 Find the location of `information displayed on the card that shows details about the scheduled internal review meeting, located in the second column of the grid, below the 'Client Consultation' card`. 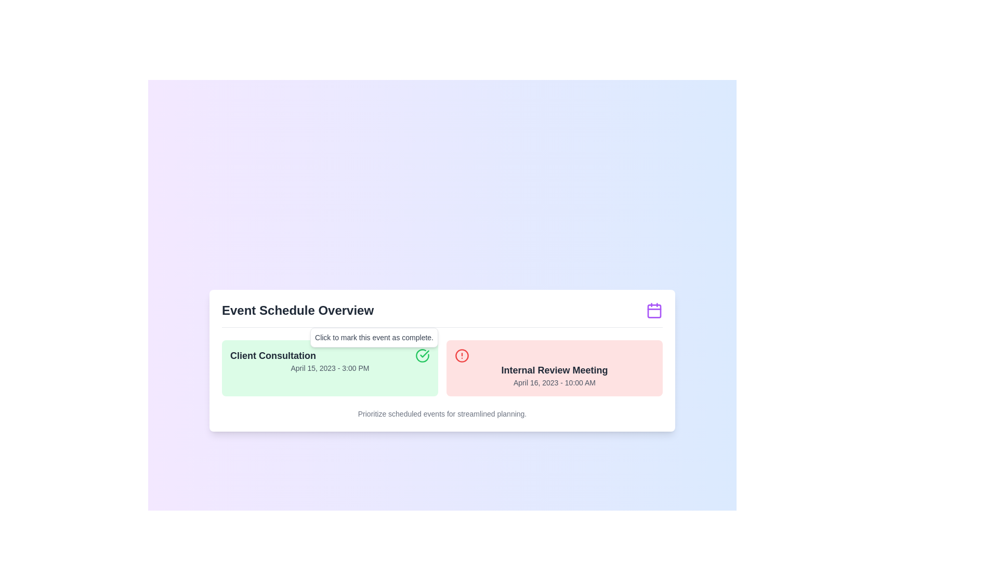

information displayed on the card that shows details about the scheduled internal review meeting, located in the second column of the grid, below the 'Client Consultation' card is located at coordinates (554, 367).